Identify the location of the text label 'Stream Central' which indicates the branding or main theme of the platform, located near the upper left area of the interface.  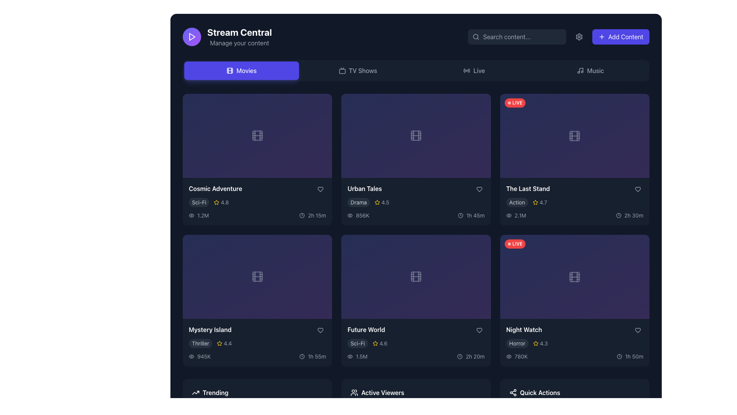
(239, 32).